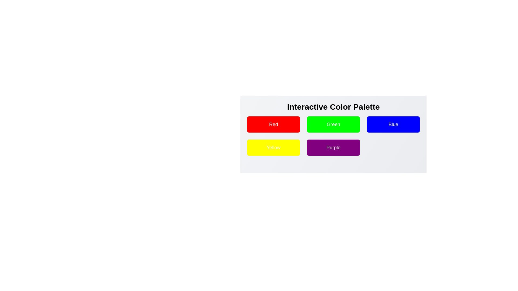 The image size is (518, 291). Describe the element at coordinates (333, 147) in the screenshot. I see `the purple button labeled 'Purple' which is a rectangular button with rounded corners and white text, located in the second row, third column of the grid layout` at that location.